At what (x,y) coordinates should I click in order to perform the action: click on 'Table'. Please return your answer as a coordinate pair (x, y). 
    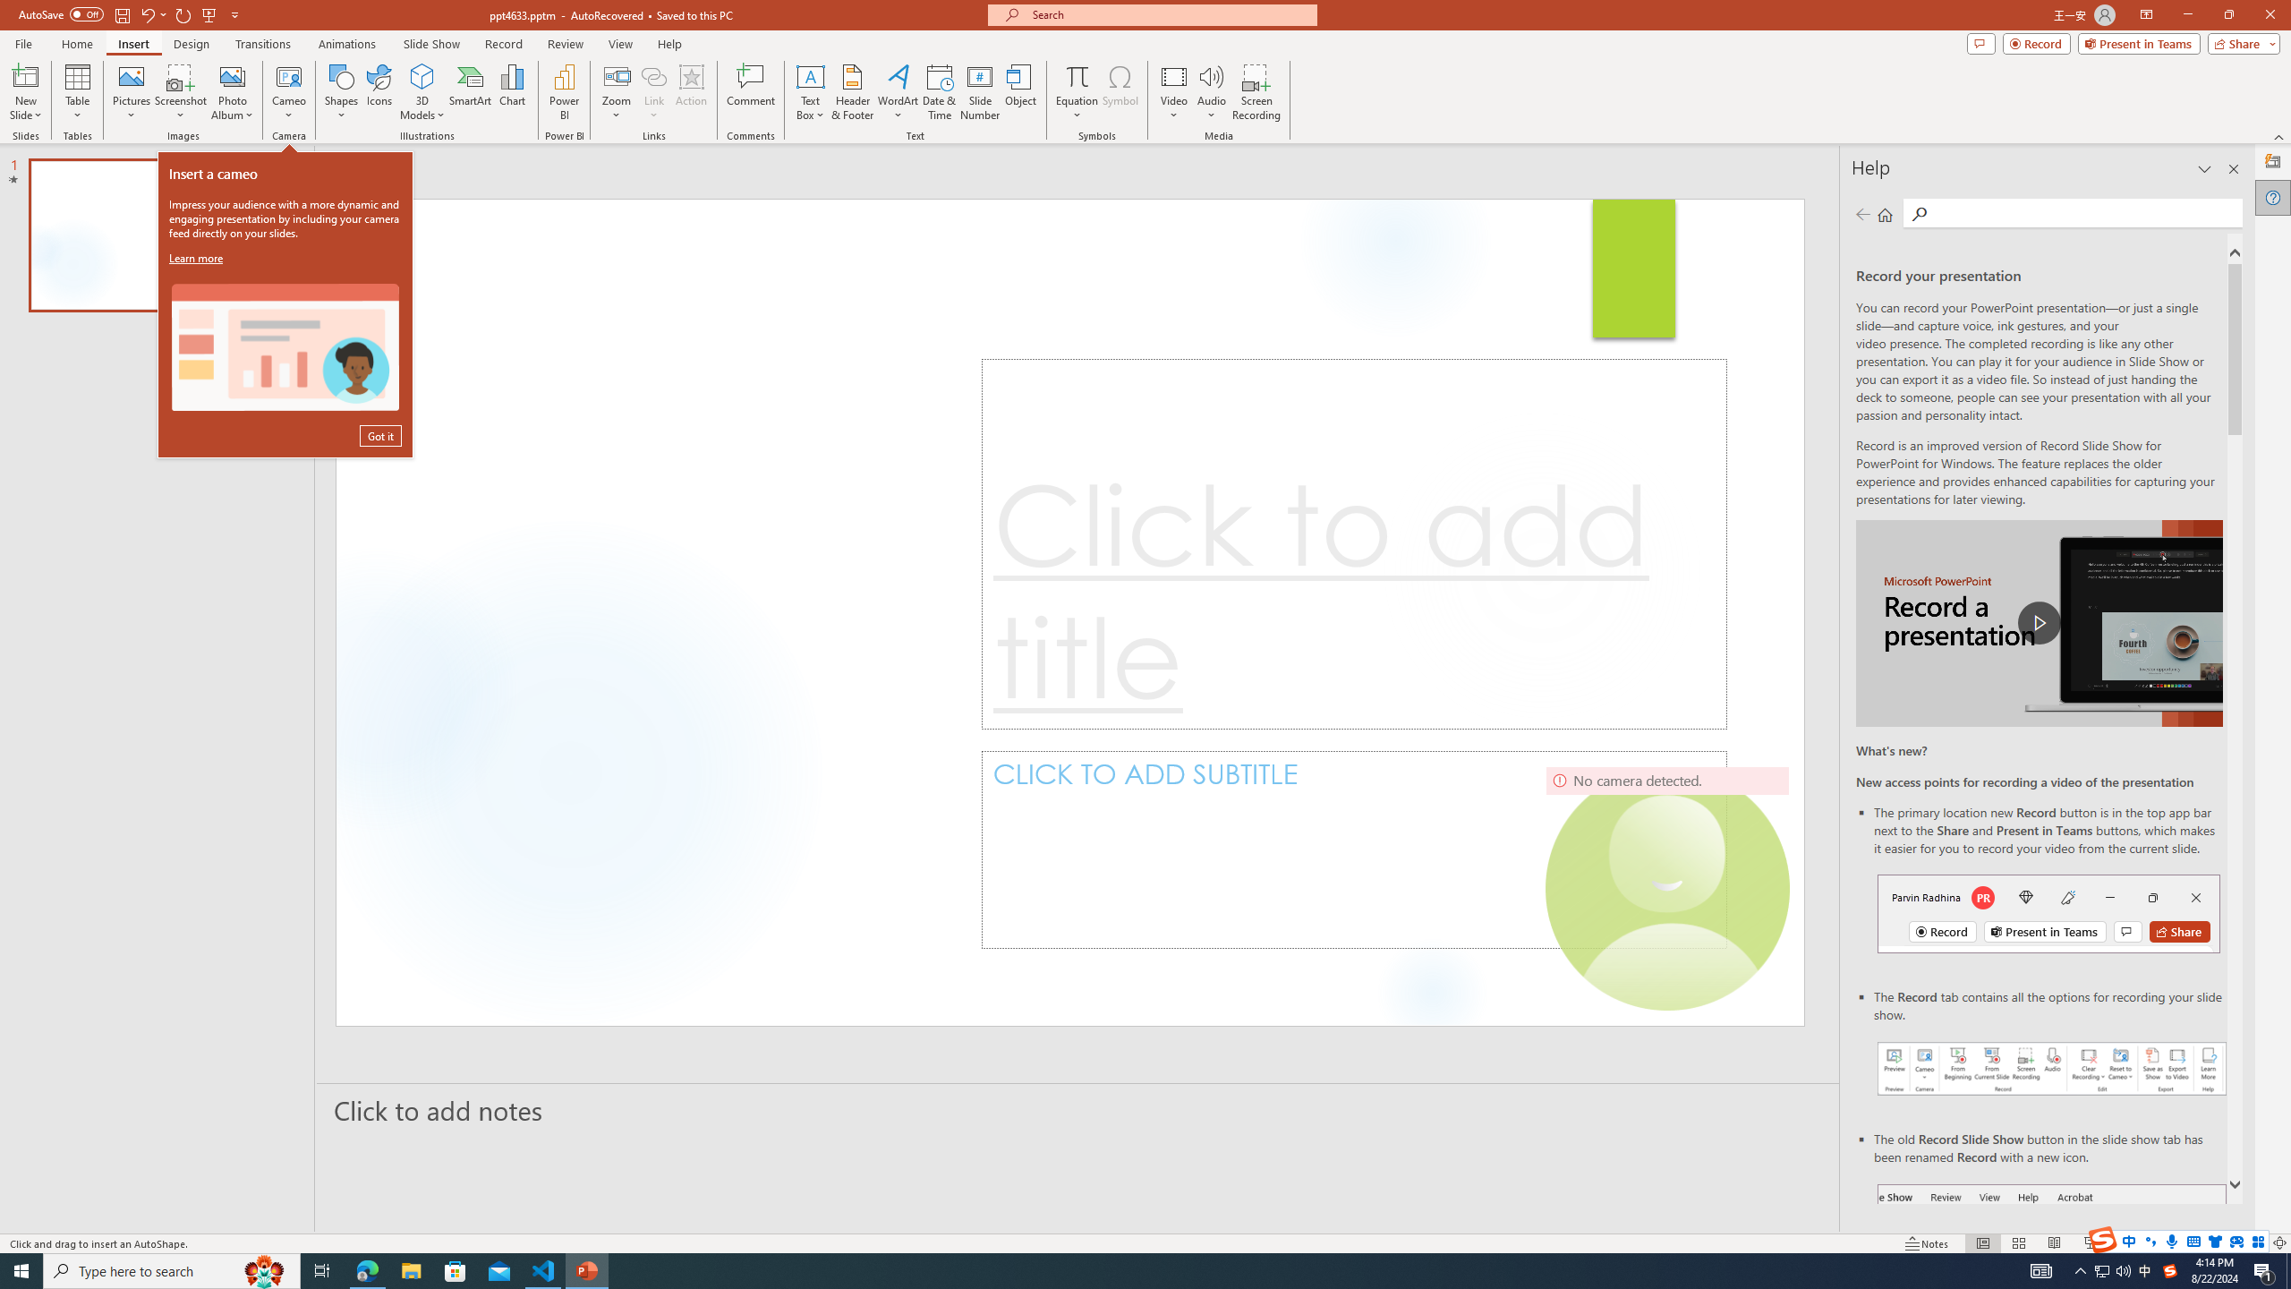
    Looking at the image, I should click on (77, 92).